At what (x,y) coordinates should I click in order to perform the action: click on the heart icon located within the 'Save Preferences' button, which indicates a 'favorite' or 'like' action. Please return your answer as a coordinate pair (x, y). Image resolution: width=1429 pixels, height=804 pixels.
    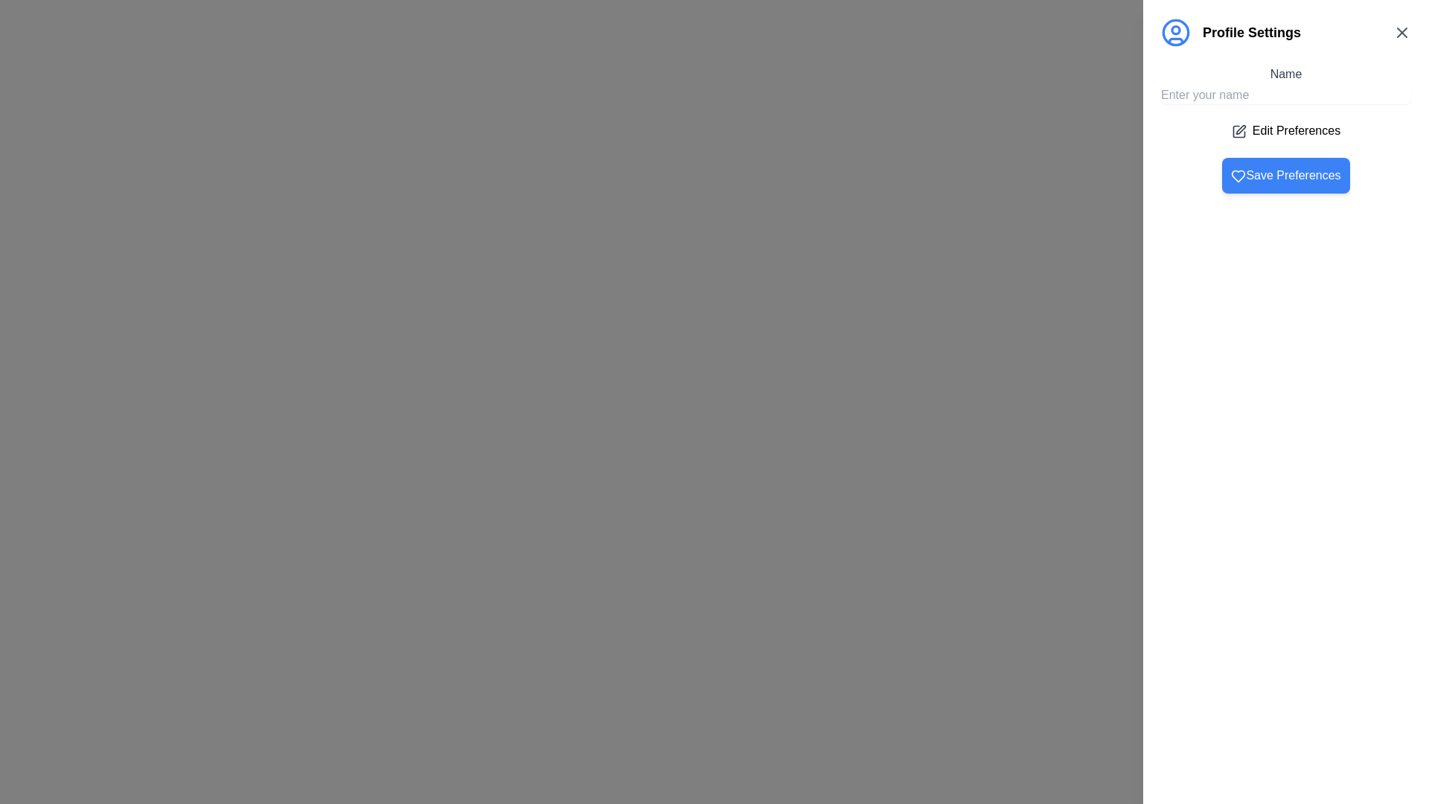
    Looking at the image, I should click on (1238, 175).